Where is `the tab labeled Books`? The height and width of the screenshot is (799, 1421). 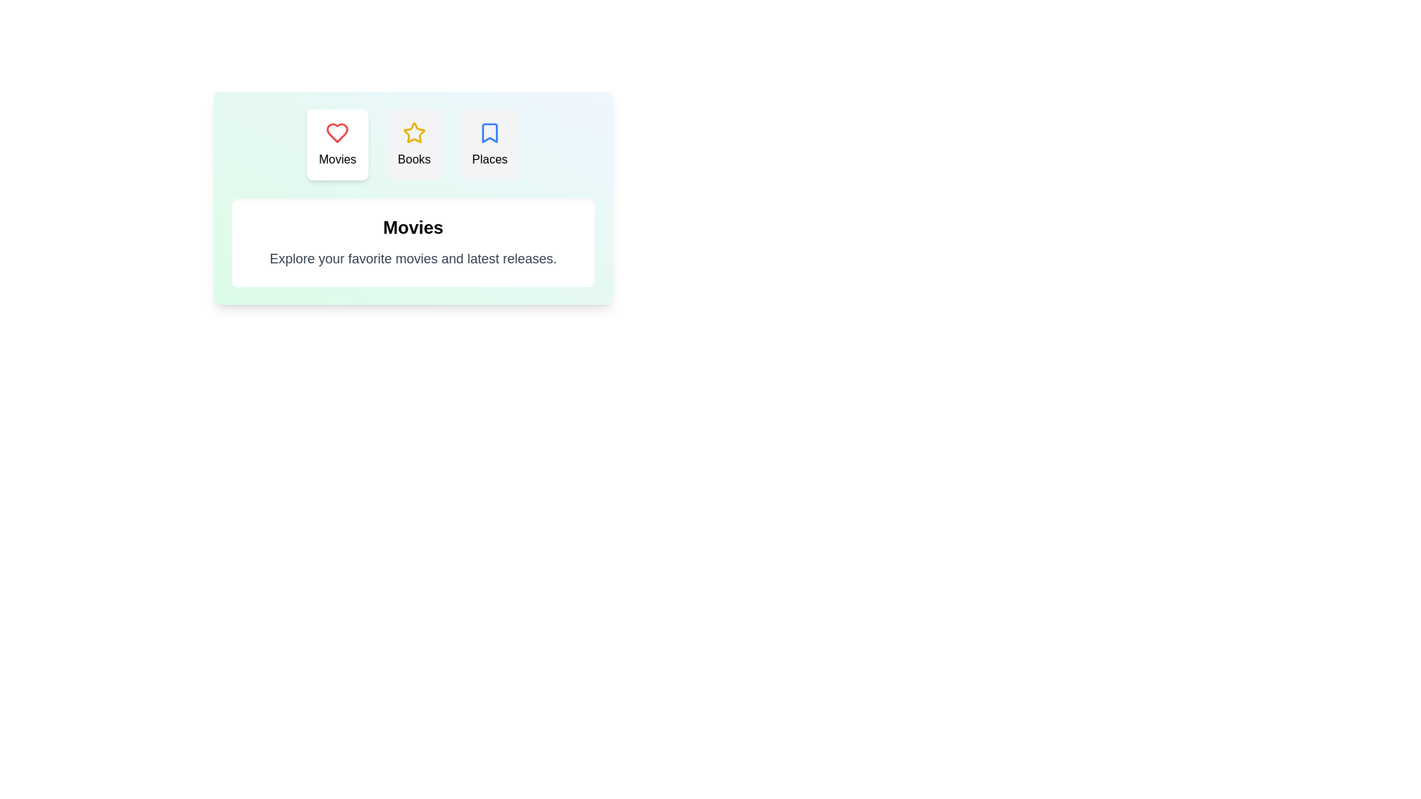
the tab labeled Books is located at coordinates (414, 145).